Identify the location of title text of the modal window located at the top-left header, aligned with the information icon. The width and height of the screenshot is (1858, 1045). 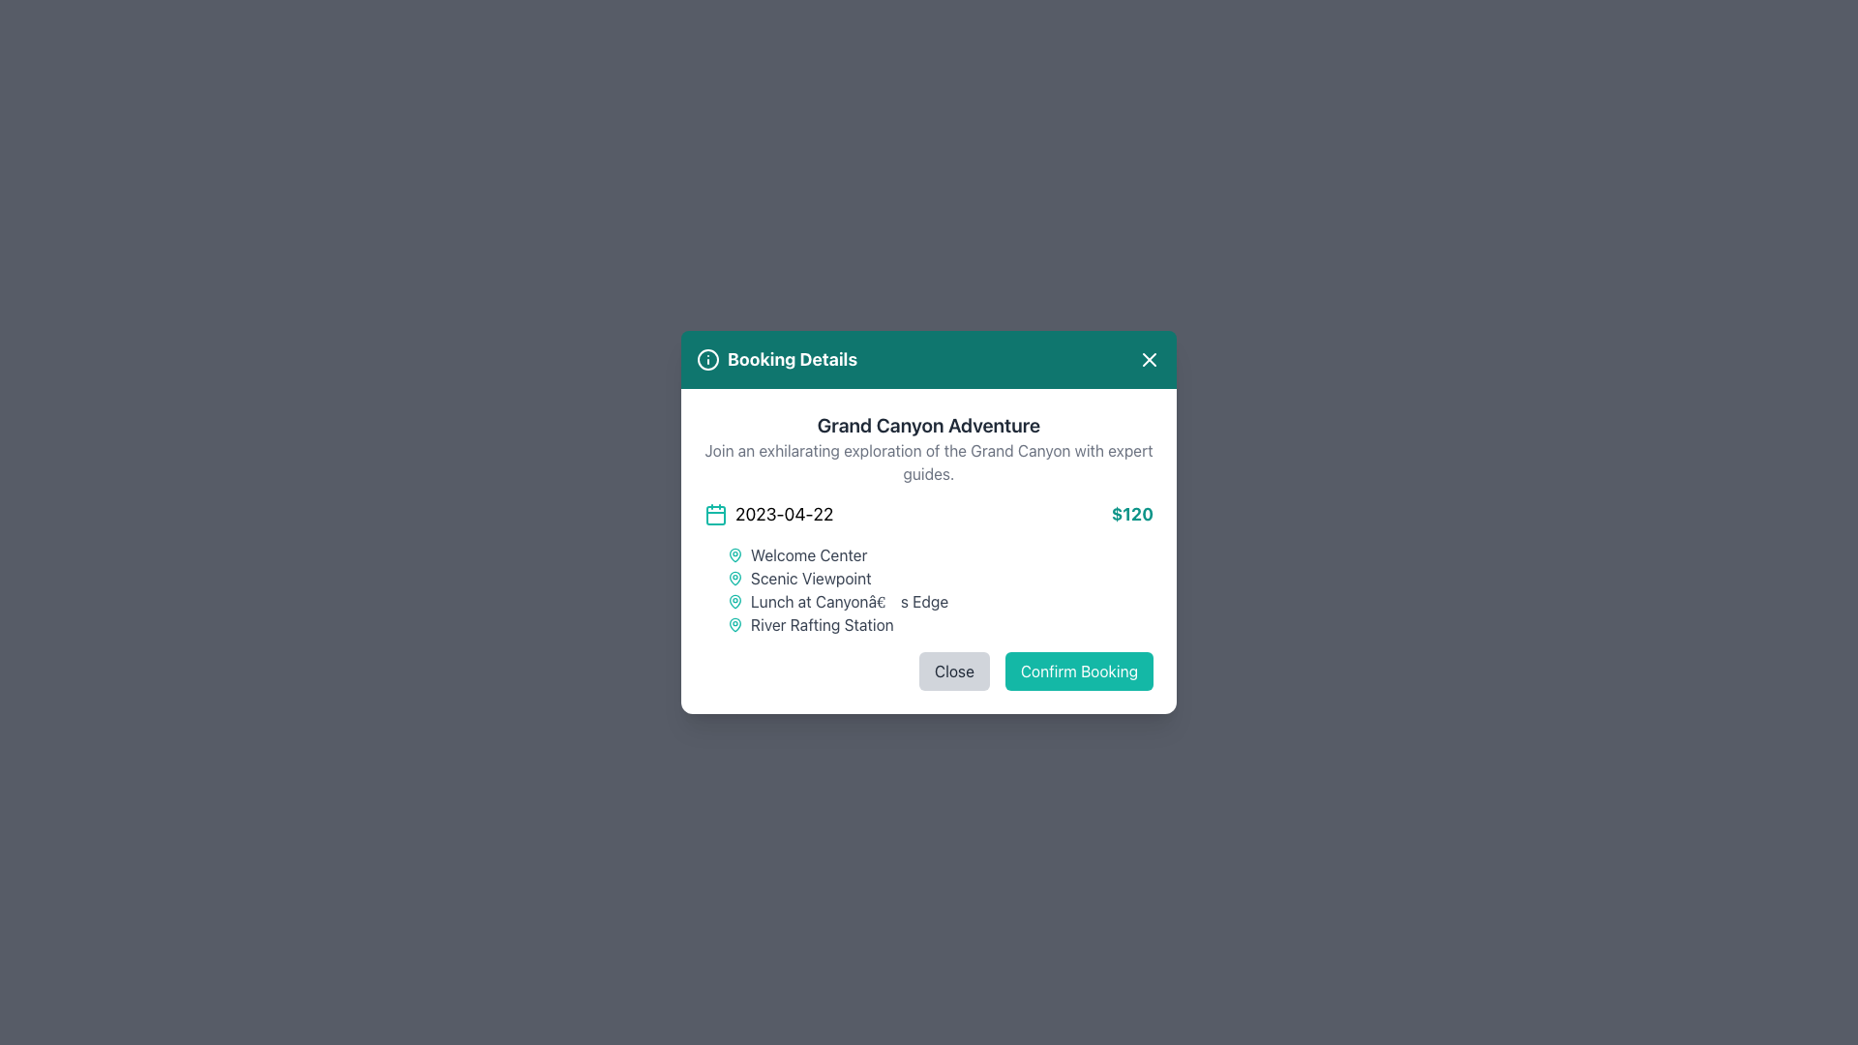
(777, 359).